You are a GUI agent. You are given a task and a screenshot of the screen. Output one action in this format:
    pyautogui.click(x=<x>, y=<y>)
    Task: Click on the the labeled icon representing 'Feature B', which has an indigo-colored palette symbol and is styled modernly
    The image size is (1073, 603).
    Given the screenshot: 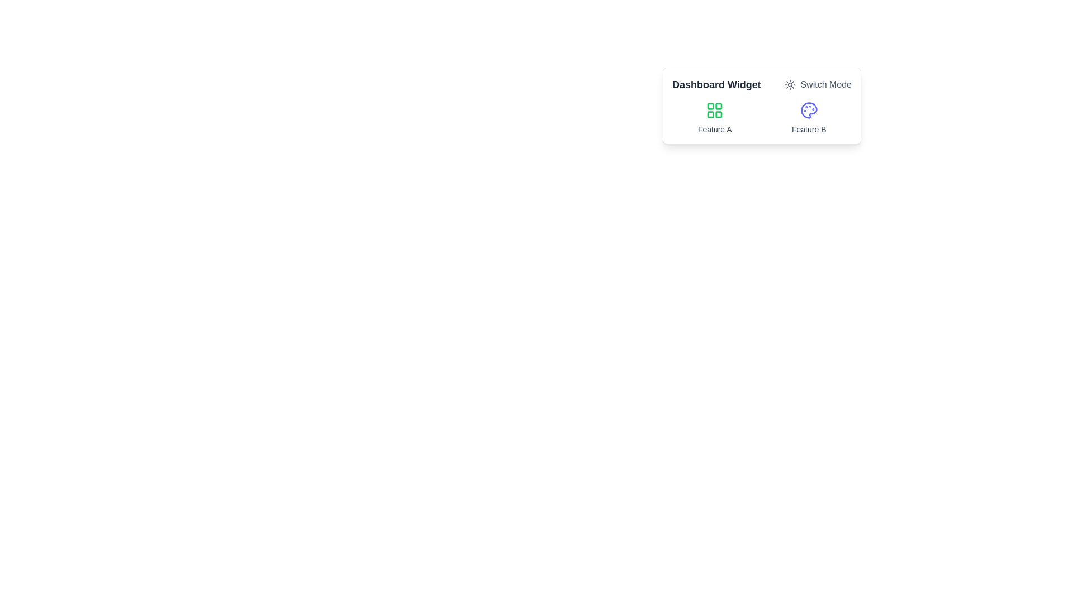 What is the action you would take?
    pyautogui.click(x=809, y=118)
    